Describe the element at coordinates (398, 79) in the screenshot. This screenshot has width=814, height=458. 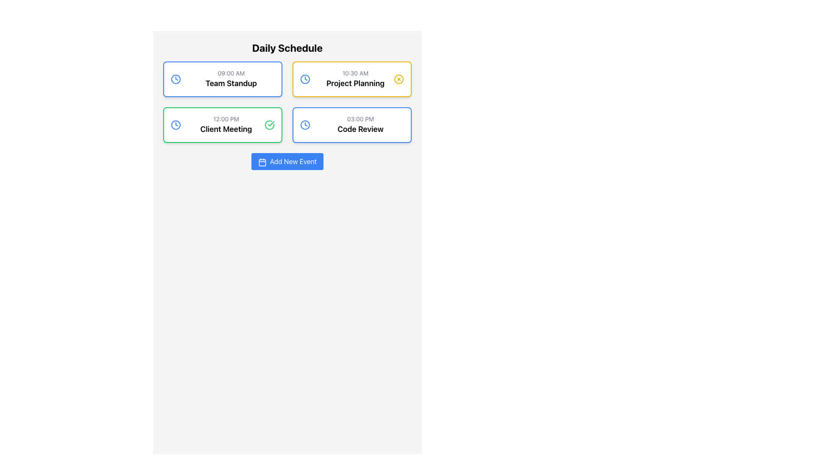
I see `the circular yellow 'X' icon located at the top-right corner of the 'Project Planning' block` at that location.